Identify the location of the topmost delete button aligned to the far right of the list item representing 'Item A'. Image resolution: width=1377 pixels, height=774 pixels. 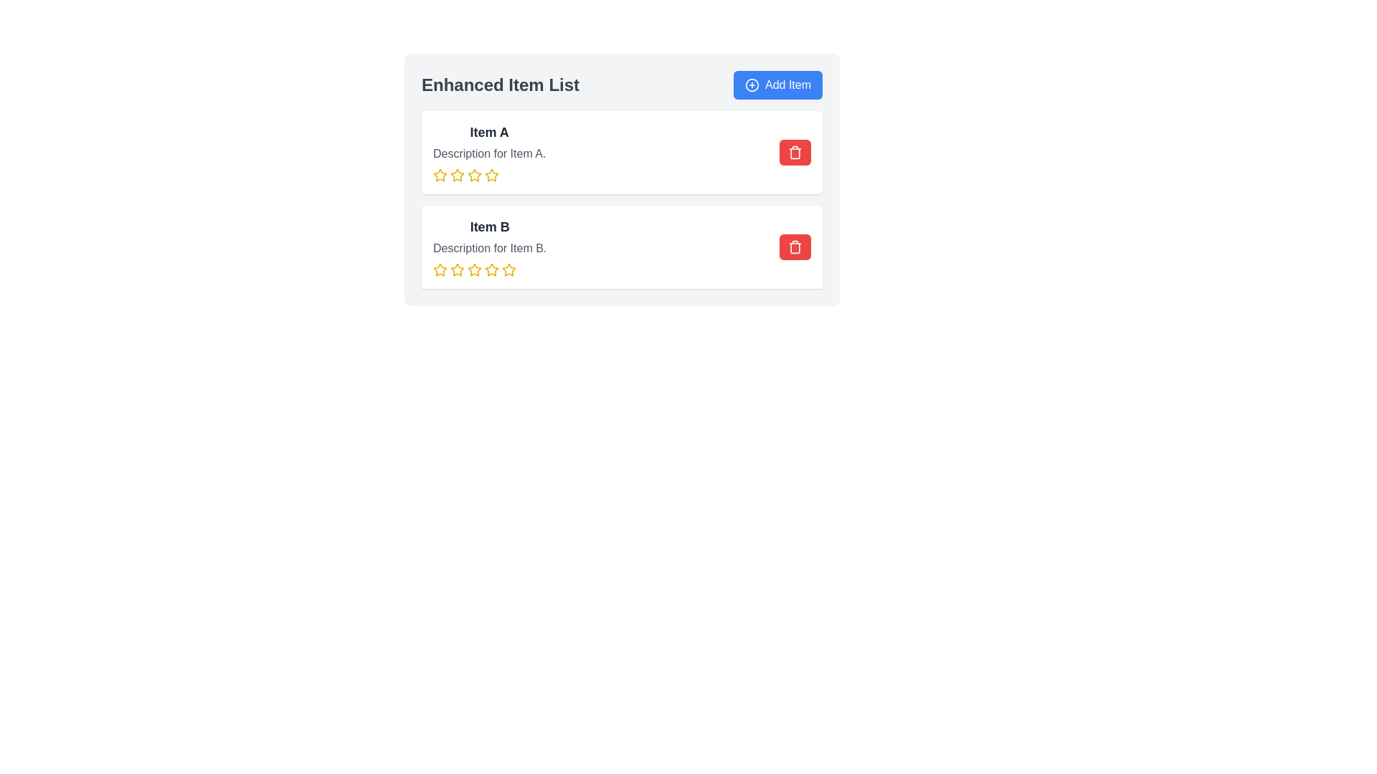
(794, 152).